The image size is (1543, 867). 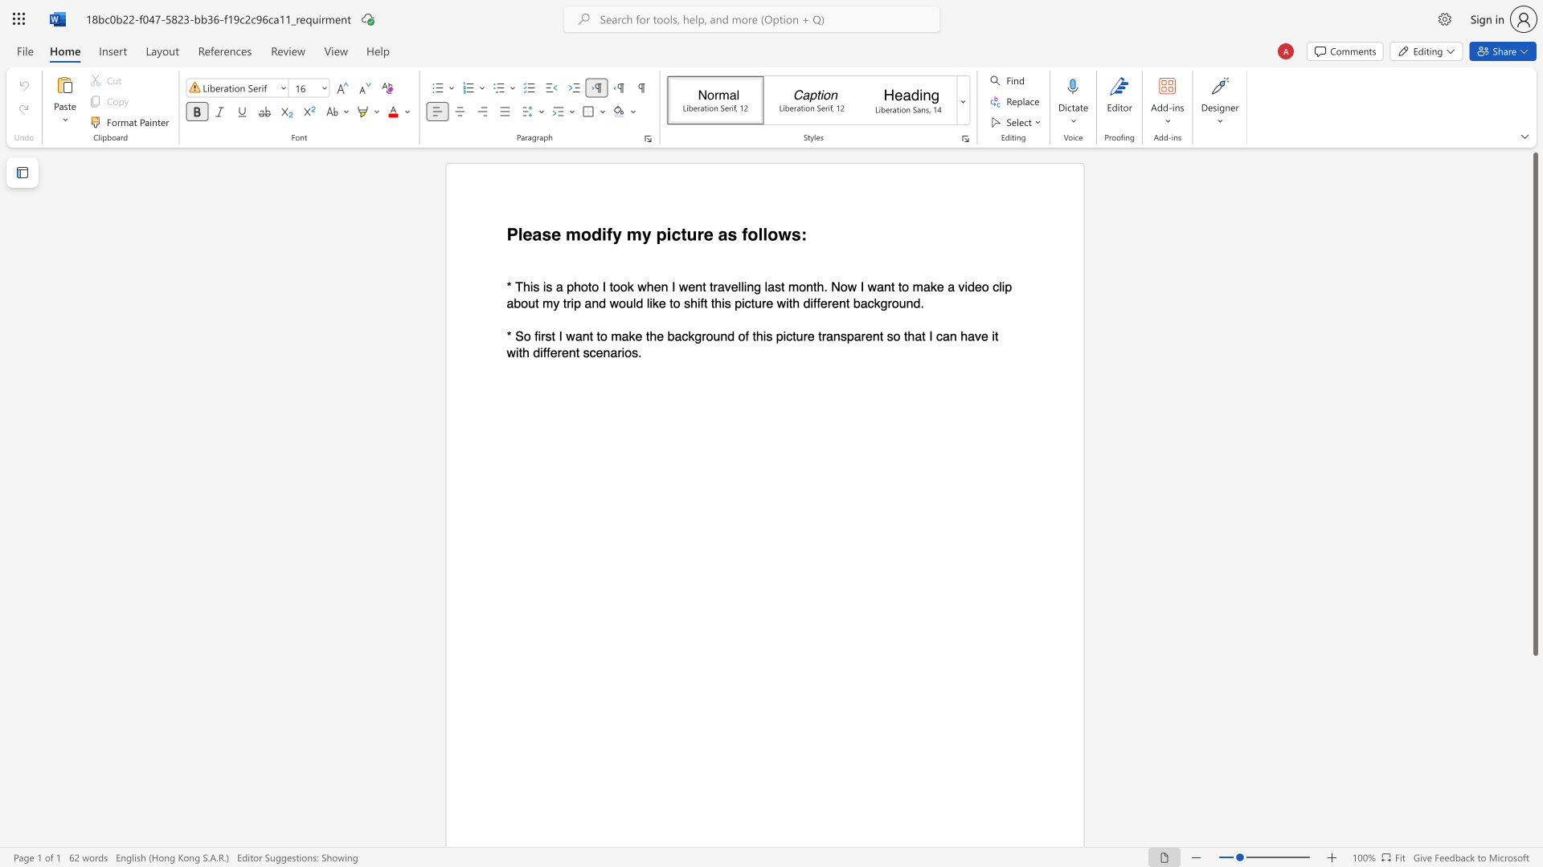 What do you see at coordinates (939, 335) in the screenshot?
I see `the 3th character "c" in the text` at bounding box center [939, 335].